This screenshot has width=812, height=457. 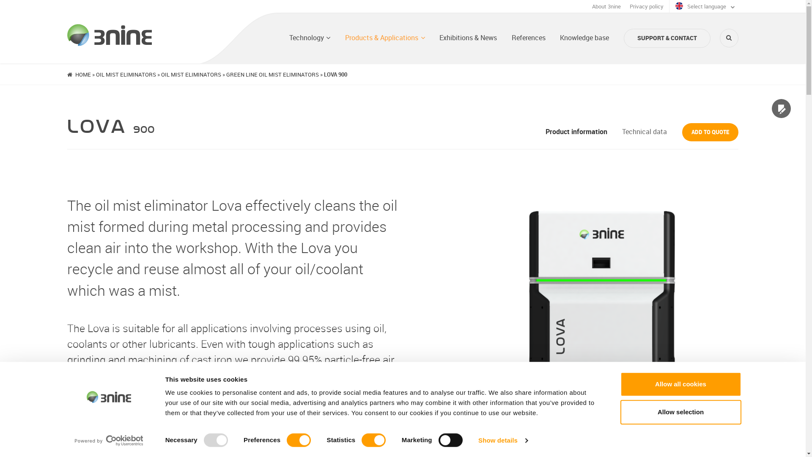 I want to click on 'Privacy policy', so click(x=646, y=6).